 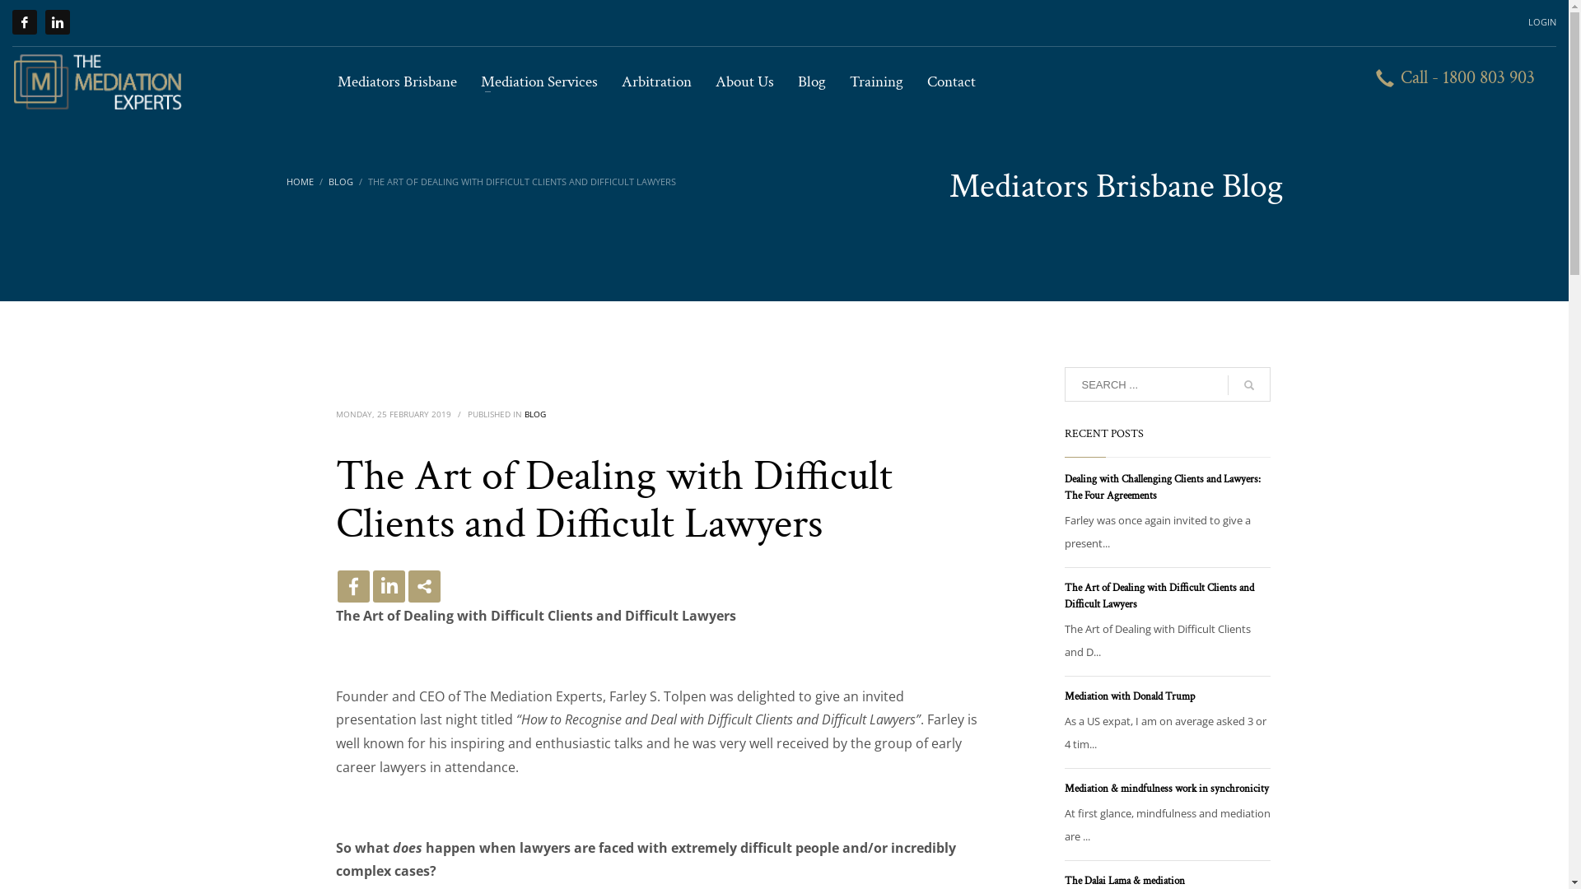 I want to click on 'LOGIN', so click(x=1541, y=21).